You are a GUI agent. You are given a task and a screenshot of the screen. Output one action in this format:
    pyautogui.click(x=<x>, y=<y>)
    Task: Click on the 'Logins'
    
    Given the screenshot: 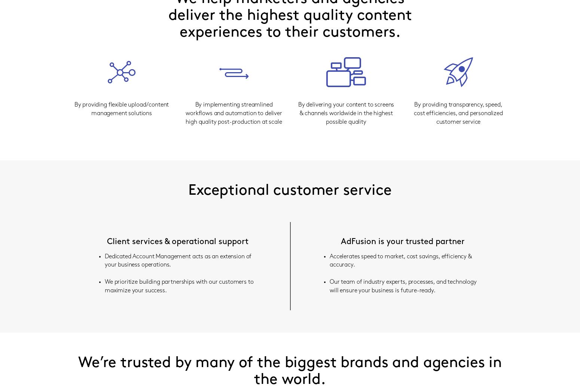 What is the action you would take?
    pyautogui.click(x=424, y=258)
    